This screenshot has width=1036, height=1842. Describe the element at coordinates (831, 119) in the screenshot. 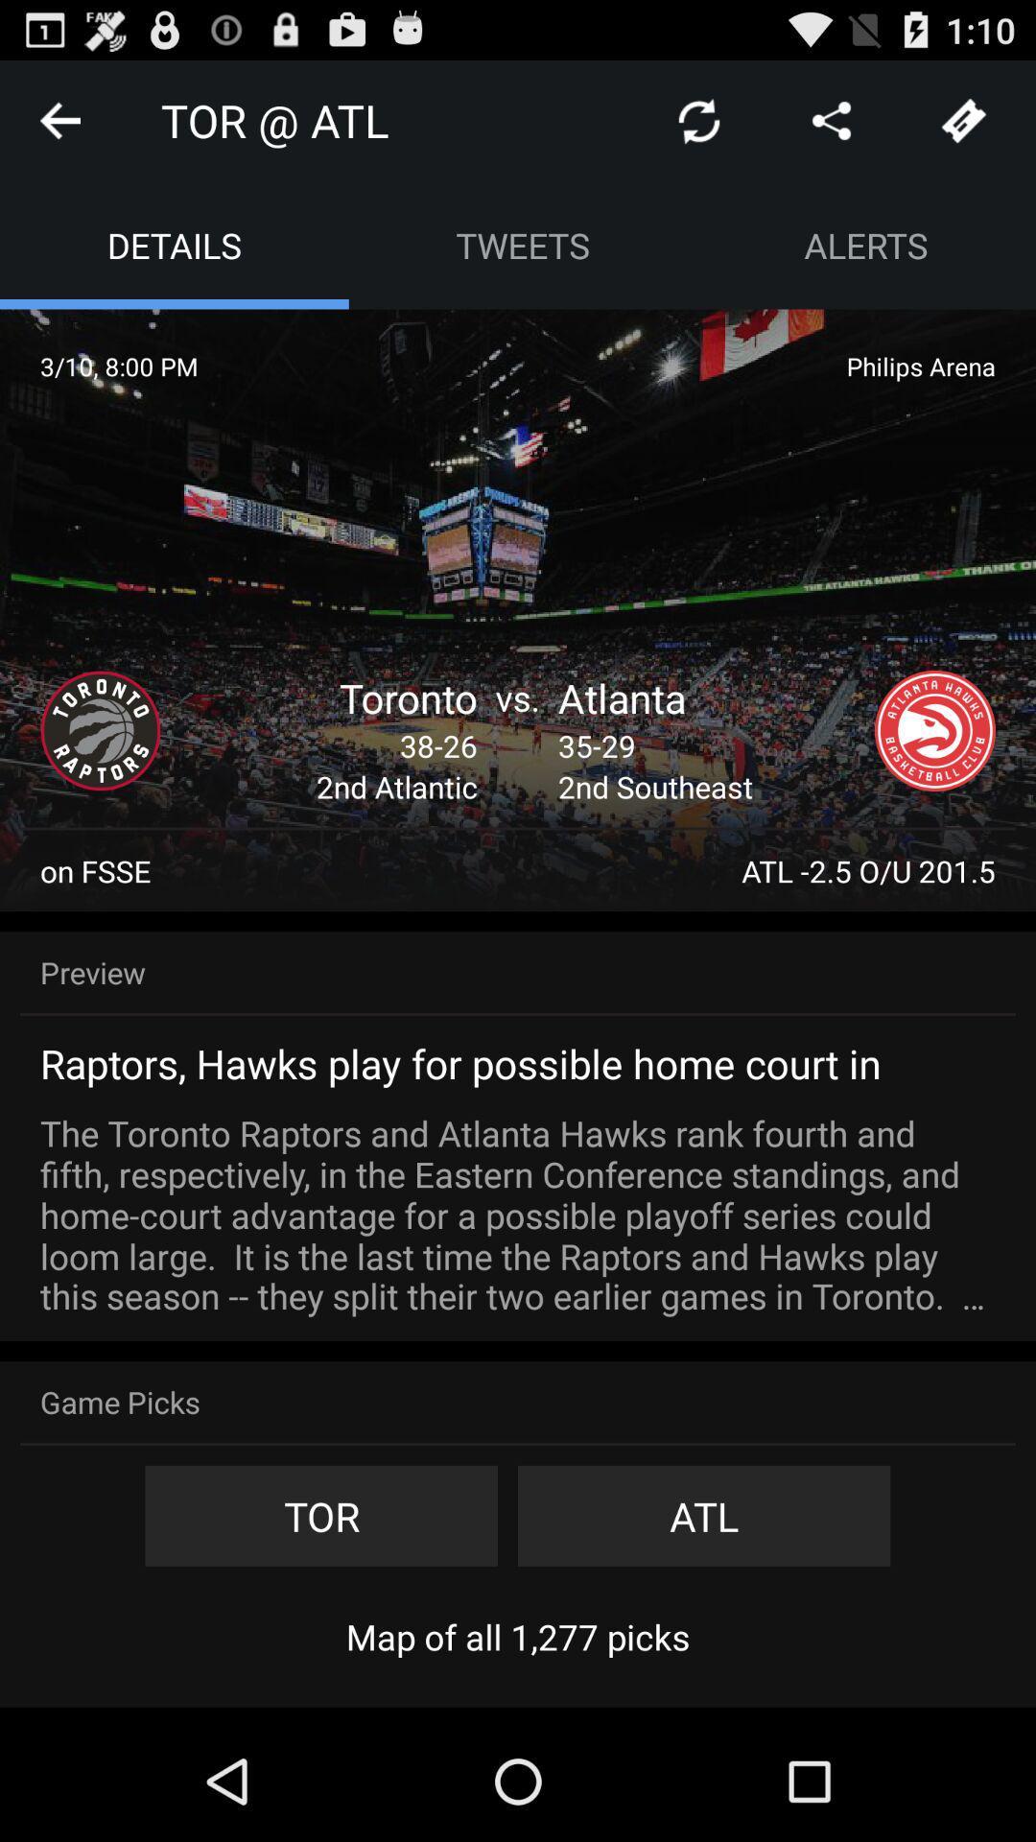

I see `share this match` at that location.